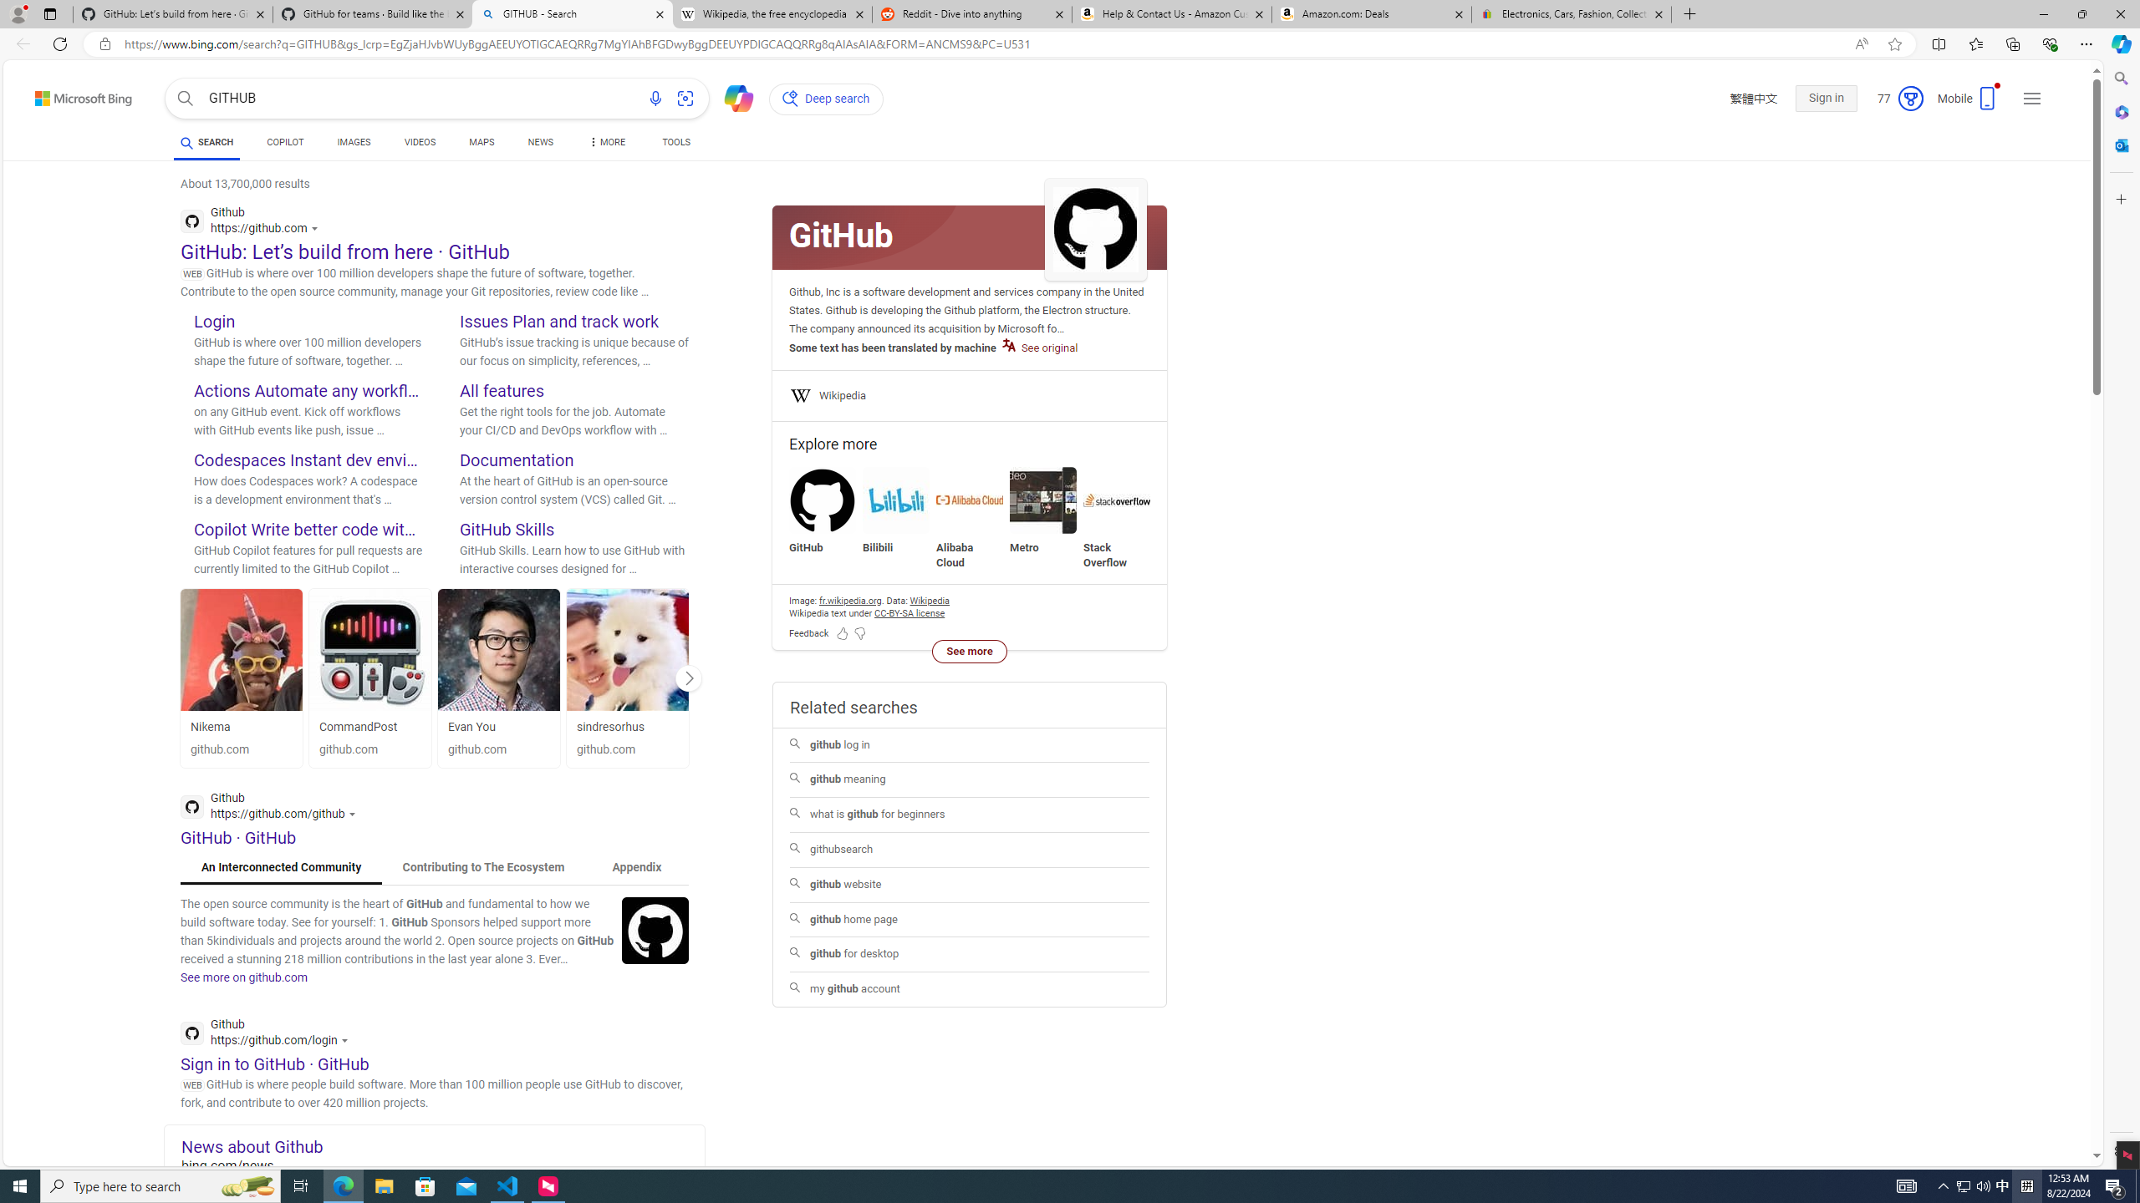 This screenshot has width=2140, height=1203. What do you see at coordinates (1117, 500) in the screenshot?
I see `'Stack Overflow'` at bounding box center [1117, 500].